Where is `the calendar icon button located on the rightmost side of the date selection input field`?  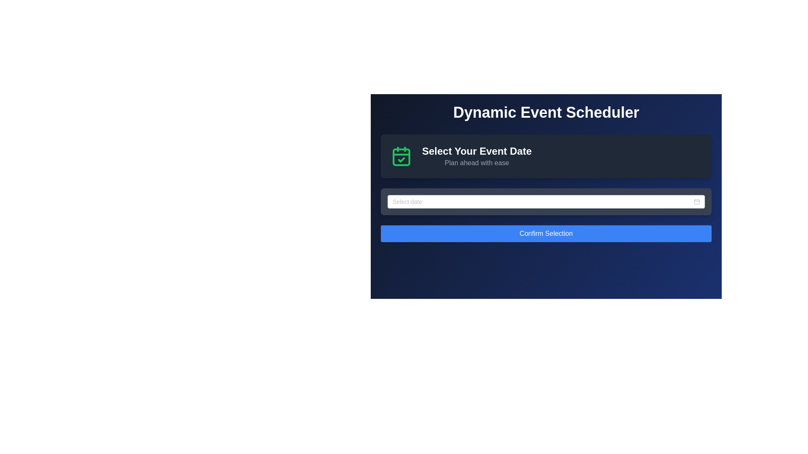
the calendar icon button located on the rightmost side of the date selection input field is located at coordinates (697, 201).